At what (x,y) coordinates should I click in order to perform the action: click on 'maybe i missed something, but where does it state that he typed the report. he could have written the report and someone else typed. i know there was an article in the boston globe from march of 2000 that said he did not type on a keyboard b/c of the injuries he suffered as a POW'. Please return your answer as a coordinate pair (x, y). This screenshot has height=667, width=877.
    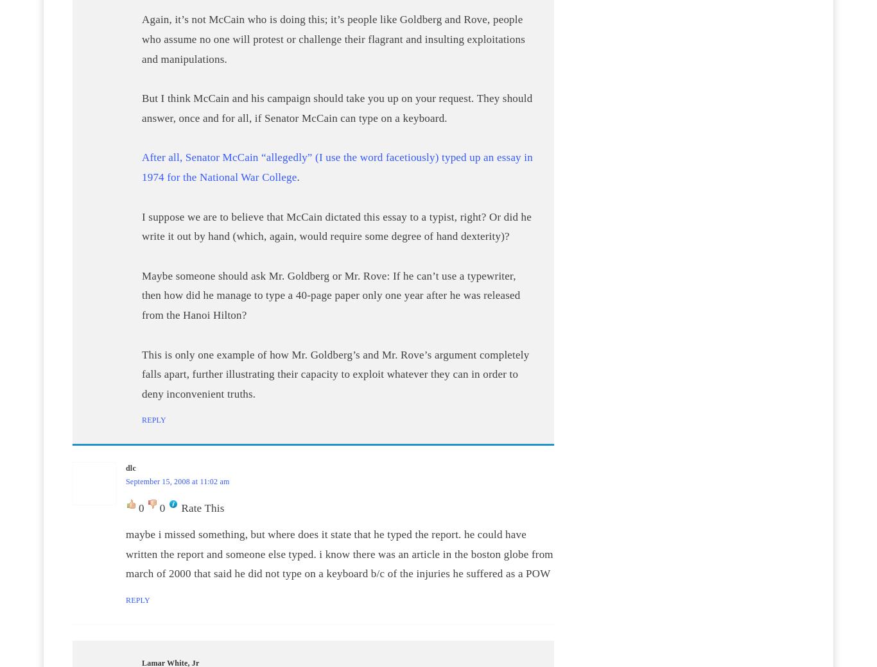
    Looking at the image, I should click on (125, 553).